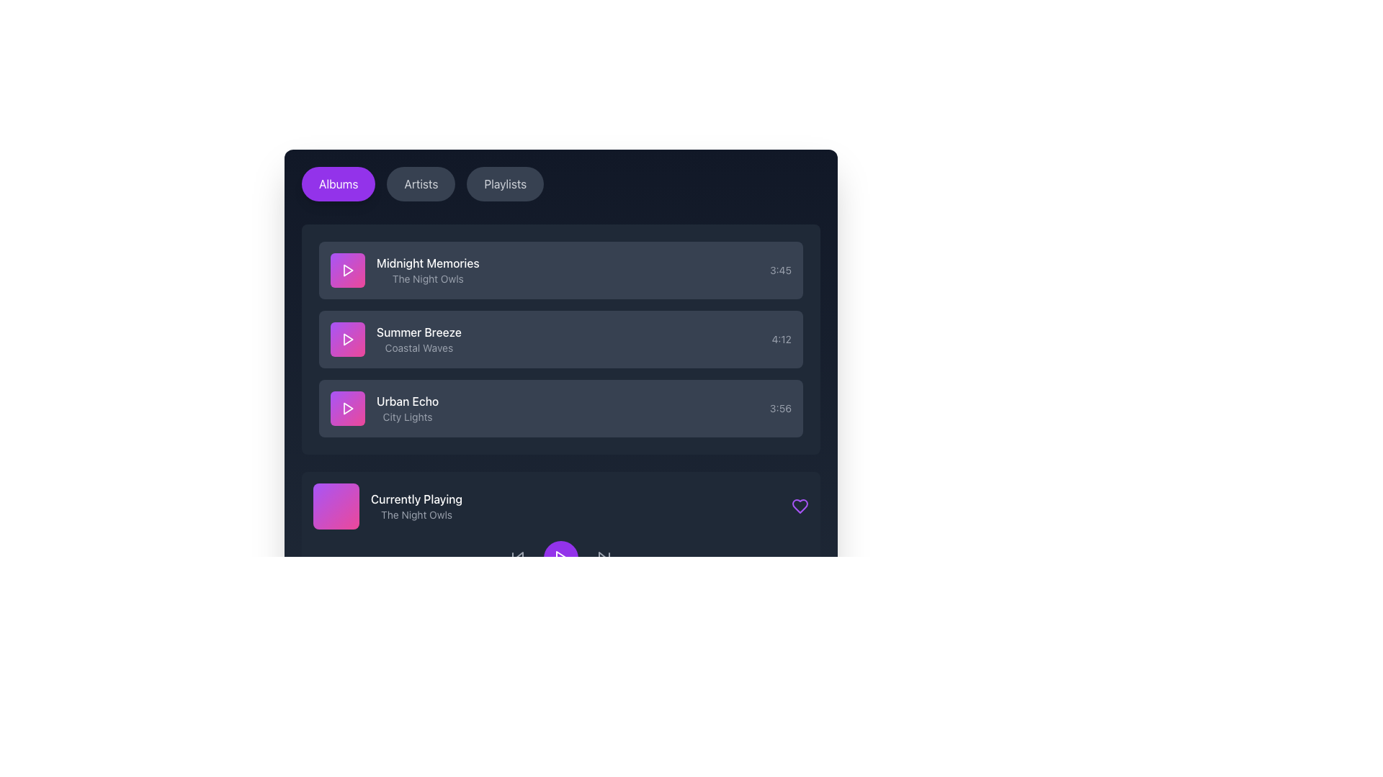  I want to click on the square-shaped Thumbnail visual indicator with a gradient background transitioning from purple to pink, so click(335, 506).